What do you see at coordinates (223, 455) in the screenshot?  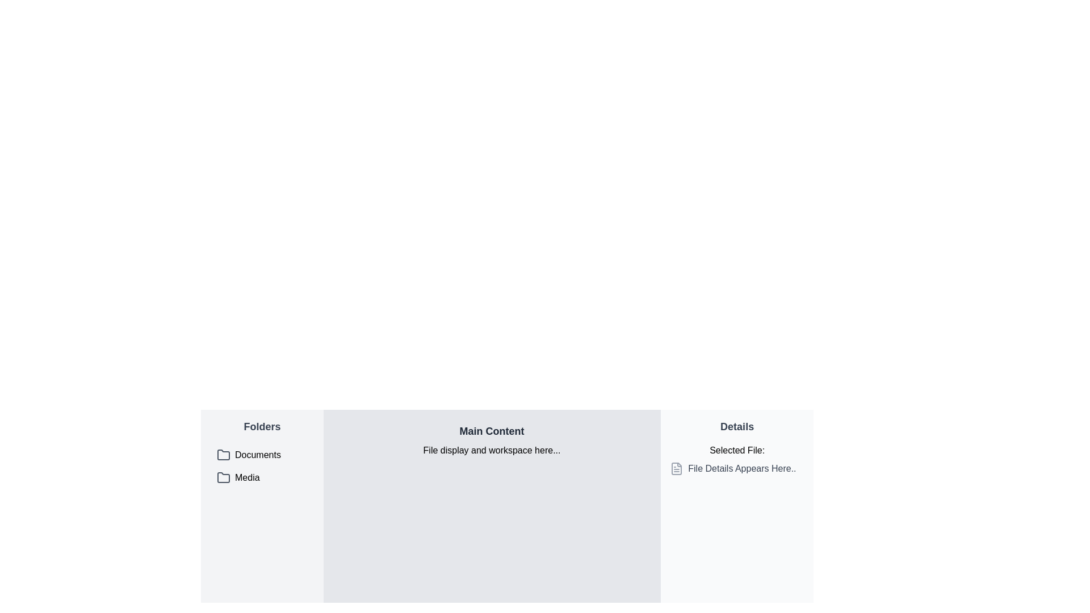 I see `the folder icon located in the 'Folders' column, which is the first icon in a vertical list and is adjacent to the label 'Documents'` at bounding box center [223, 455].